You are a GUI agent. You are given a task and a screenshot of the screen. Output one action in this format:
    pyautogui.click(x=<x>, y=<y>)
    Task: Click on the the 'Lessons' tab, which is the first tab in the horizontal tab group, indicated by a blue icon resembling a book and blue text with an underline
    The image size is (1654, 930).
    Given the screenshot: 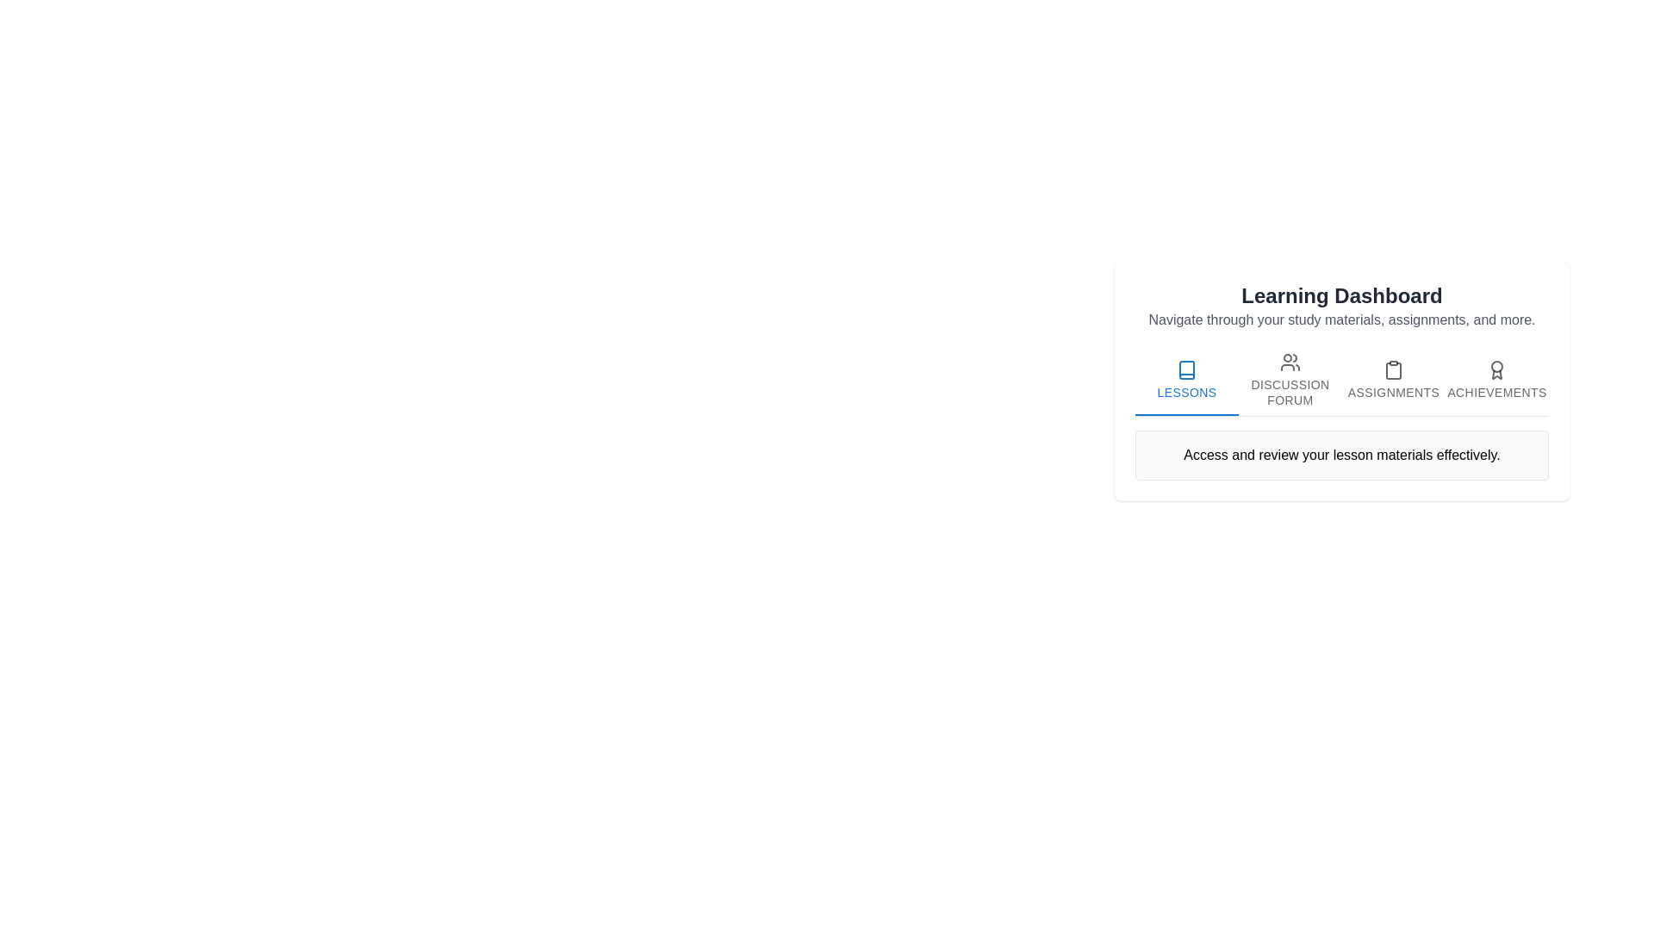 What is the action you would take?
    pyautogui.click(x=1185, y=378)
    